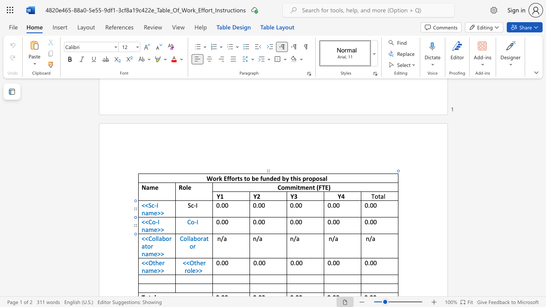 The image size is (546, 307). Describe the element at coordinates (157, 253) in the screenshot. I see `the space between the continuous character "e" and ">" in the text` at that location.